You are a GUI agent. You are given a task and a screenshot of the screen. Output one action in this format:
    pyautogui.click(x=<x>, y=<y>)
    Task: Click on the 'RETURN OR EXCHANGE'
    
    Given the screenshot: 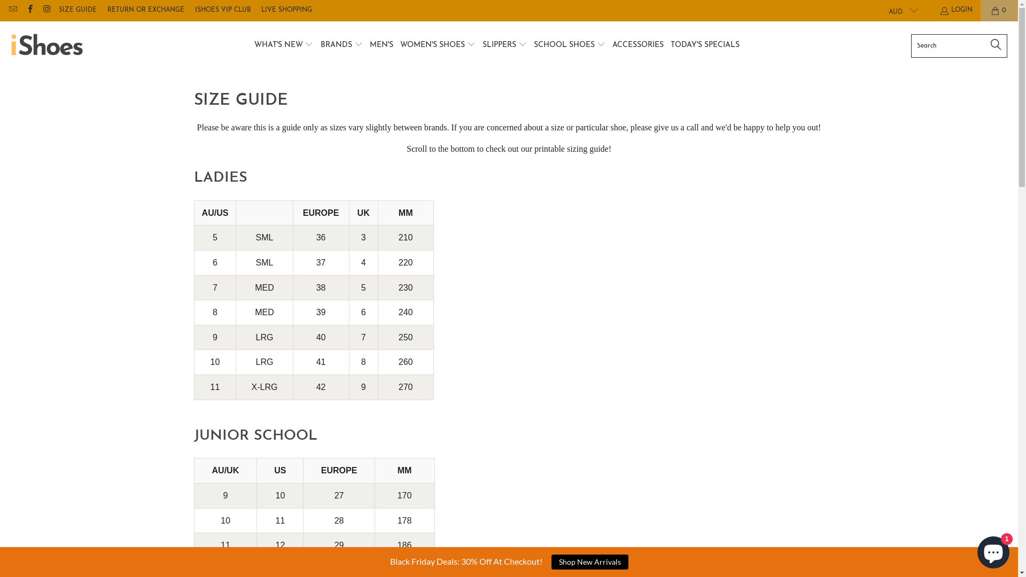 What is the action you would take?
    pyautogui.click(x=145, y=10)
    